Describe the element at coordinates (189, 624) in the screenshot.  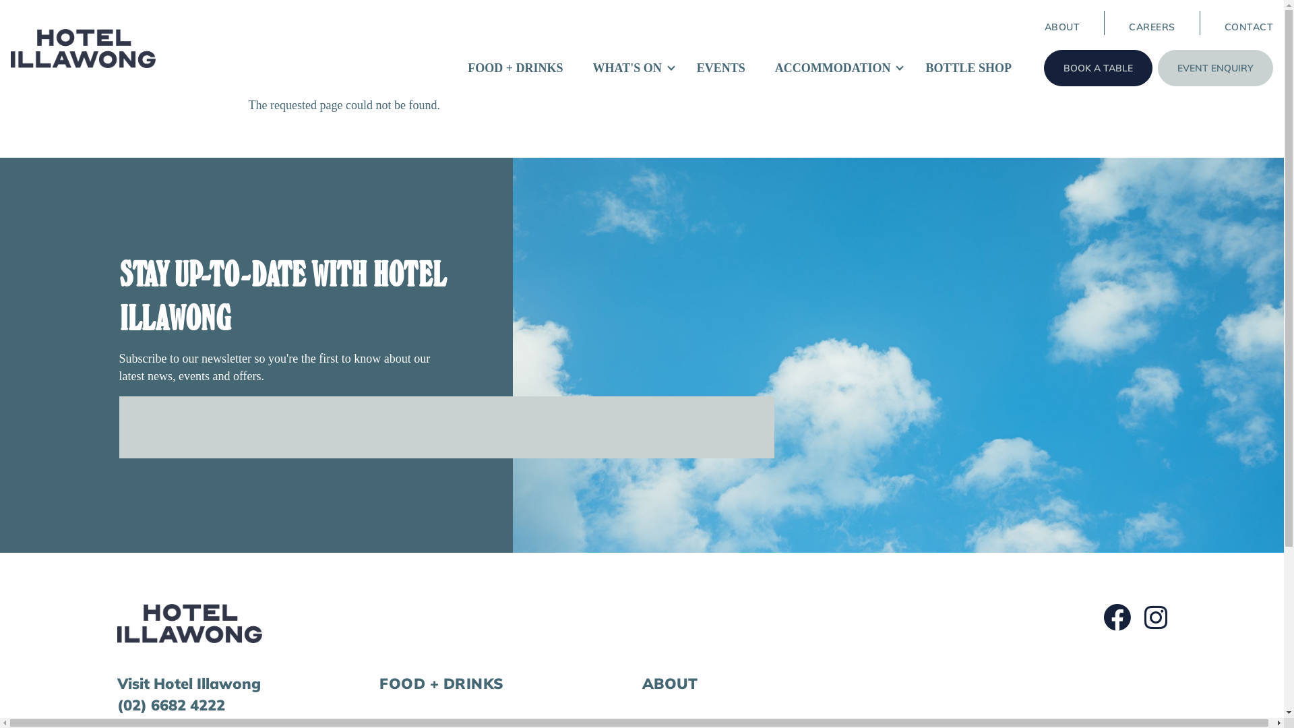
I see `'Image'` at that location.